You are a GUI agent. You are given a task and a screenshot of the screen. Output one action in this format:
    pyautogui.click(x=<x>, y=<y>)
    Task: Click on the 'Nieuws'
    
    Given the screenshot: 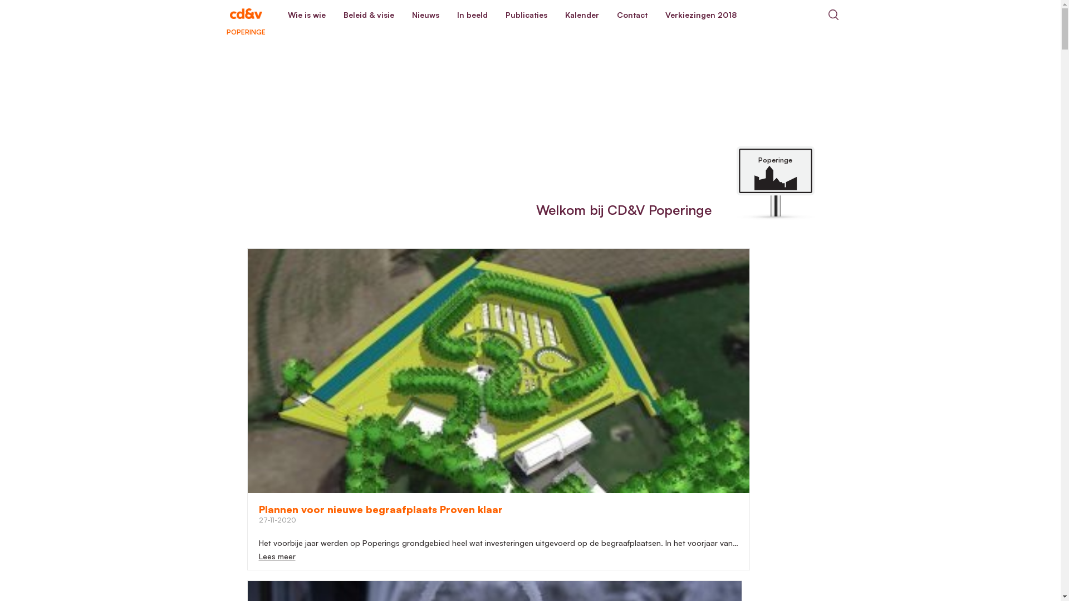 What is the action you would take?
    pyautogui.click(x=425, y=15)
    